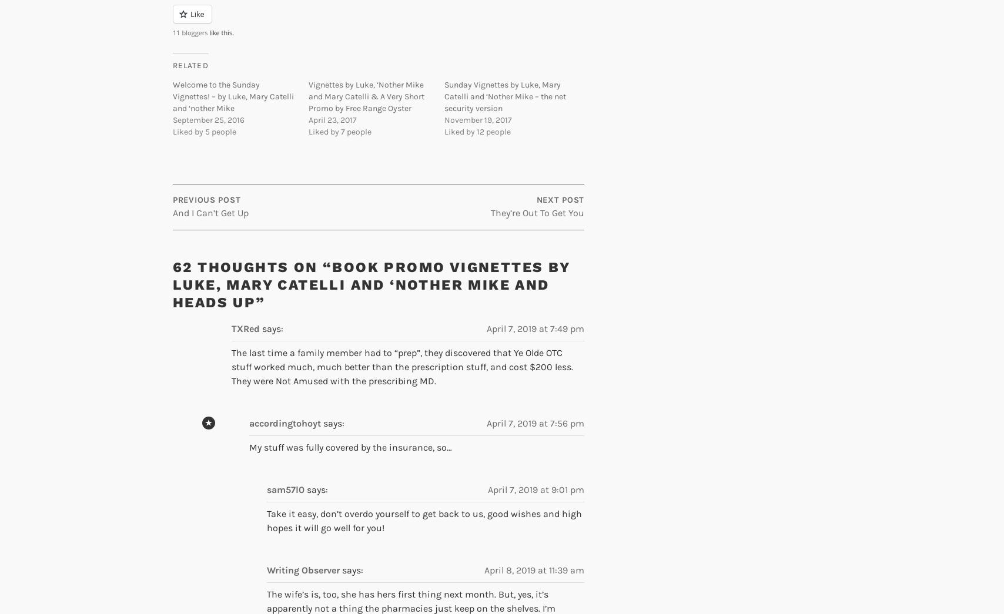 The height and width of the screenshot is (614, 1004). I want to click on 'sam57l0', so click(266, 489).